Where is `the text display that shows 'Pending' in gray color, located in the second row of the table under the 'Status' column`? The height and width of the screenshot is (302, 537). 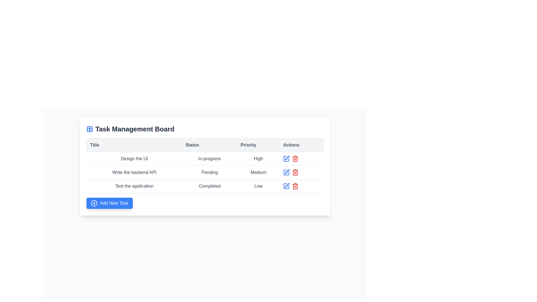
the text display that shows 'Pending' in gray color, located in the second row of the table under the 'Status' column is located at coordinates (209, 172).